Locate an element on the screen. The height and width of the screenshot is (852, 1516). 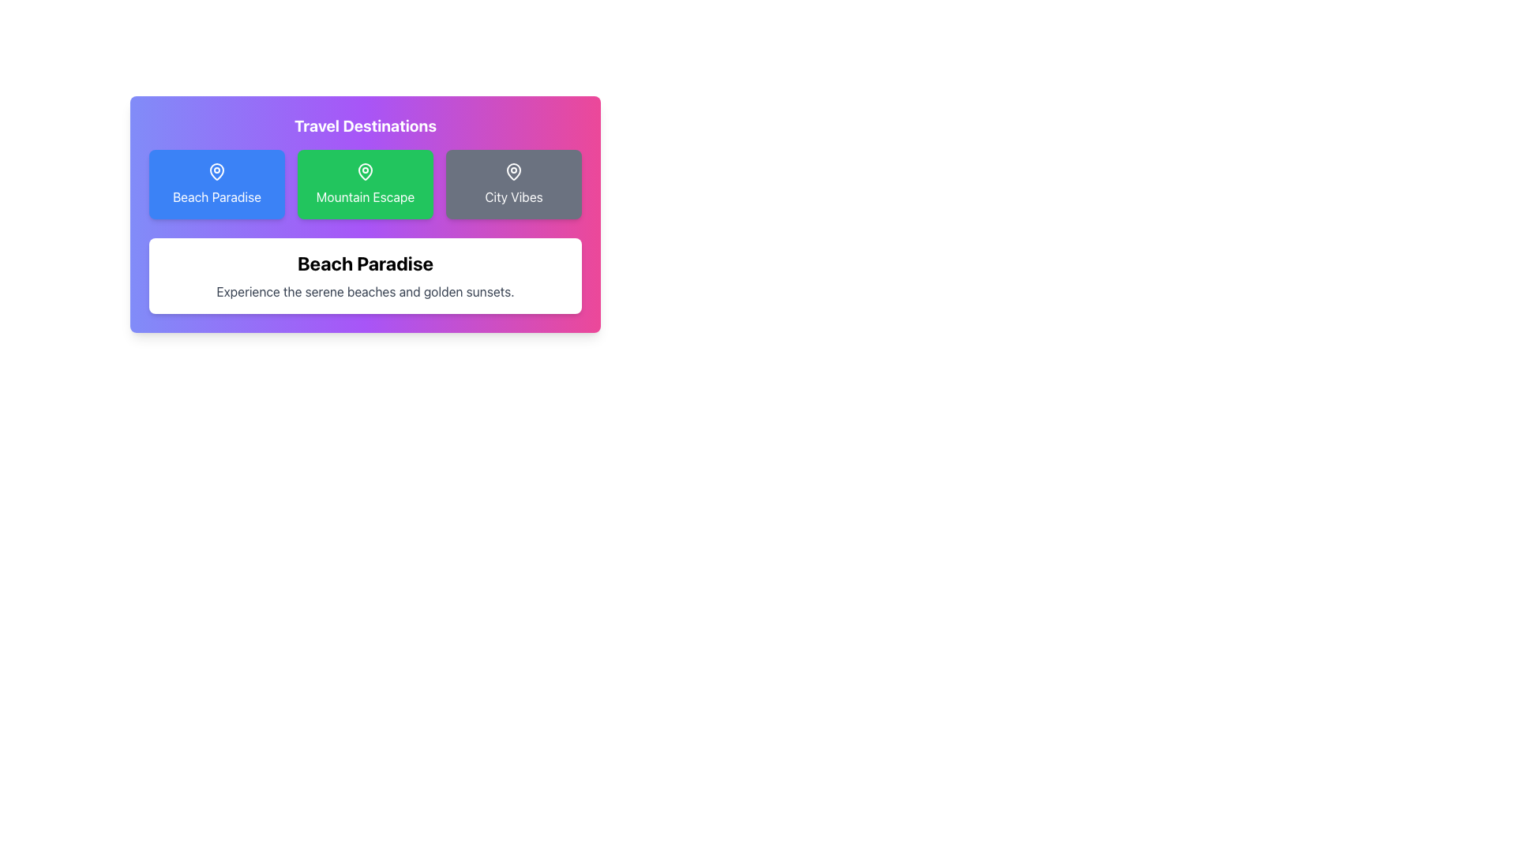
the interactive button for selecting the 'City Vibes' option, which is the rightmost button in a row of three buttons labeled 'Beach Paradise', 'Mountain Escape', and 'City Vibes' is located at coordinates (514, 184).